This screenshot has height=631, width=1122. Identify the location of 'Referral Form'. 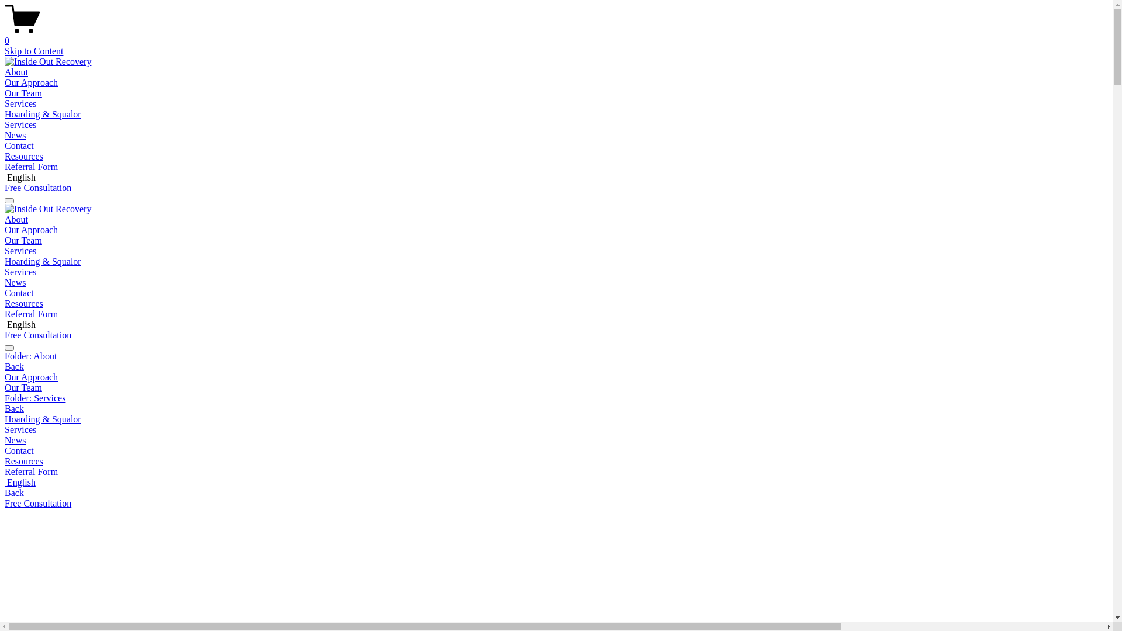
(31, 167).